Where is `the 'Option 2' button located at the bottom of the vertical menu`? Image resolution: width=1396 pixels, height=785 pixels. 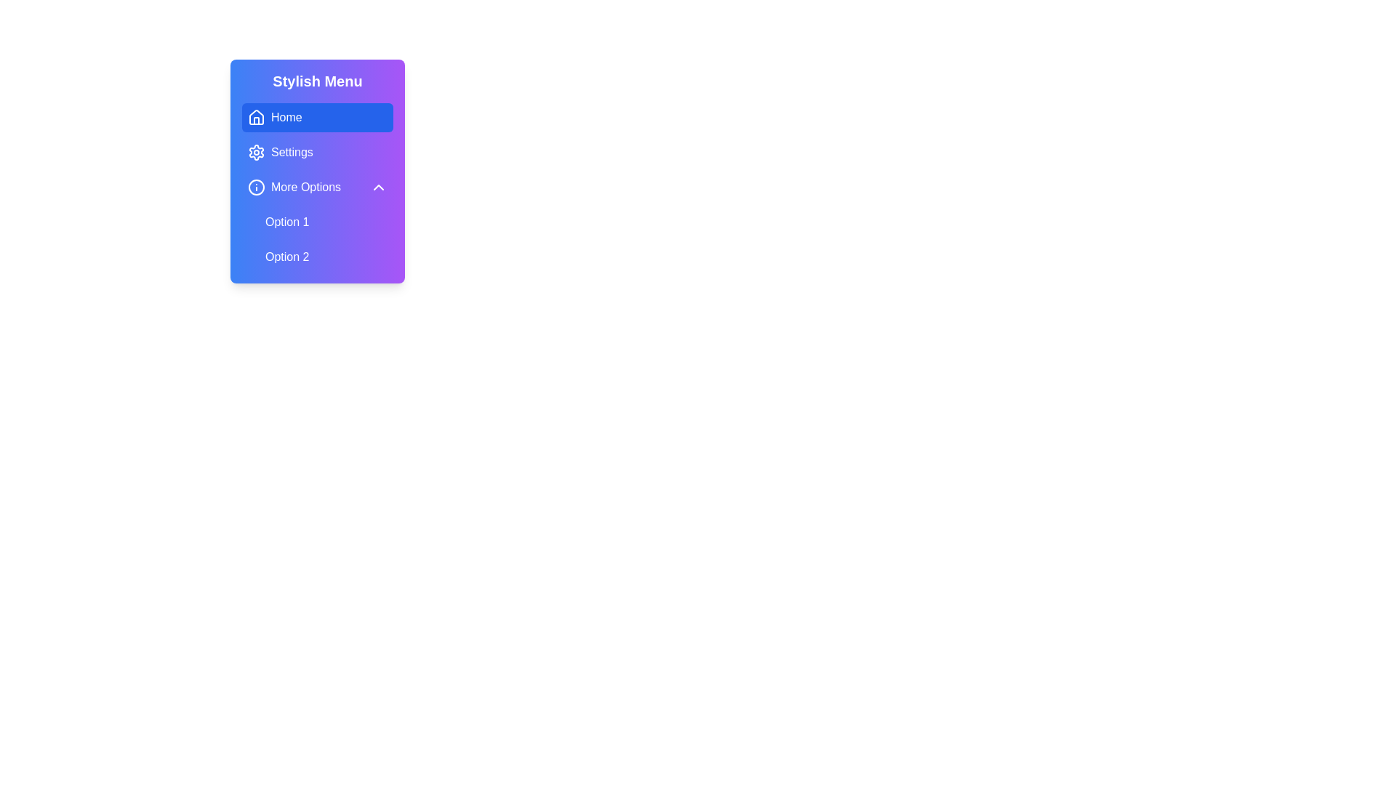
the 'Option 2' button located at the bottom of the vertical menu is located at coordinates (326, 257).